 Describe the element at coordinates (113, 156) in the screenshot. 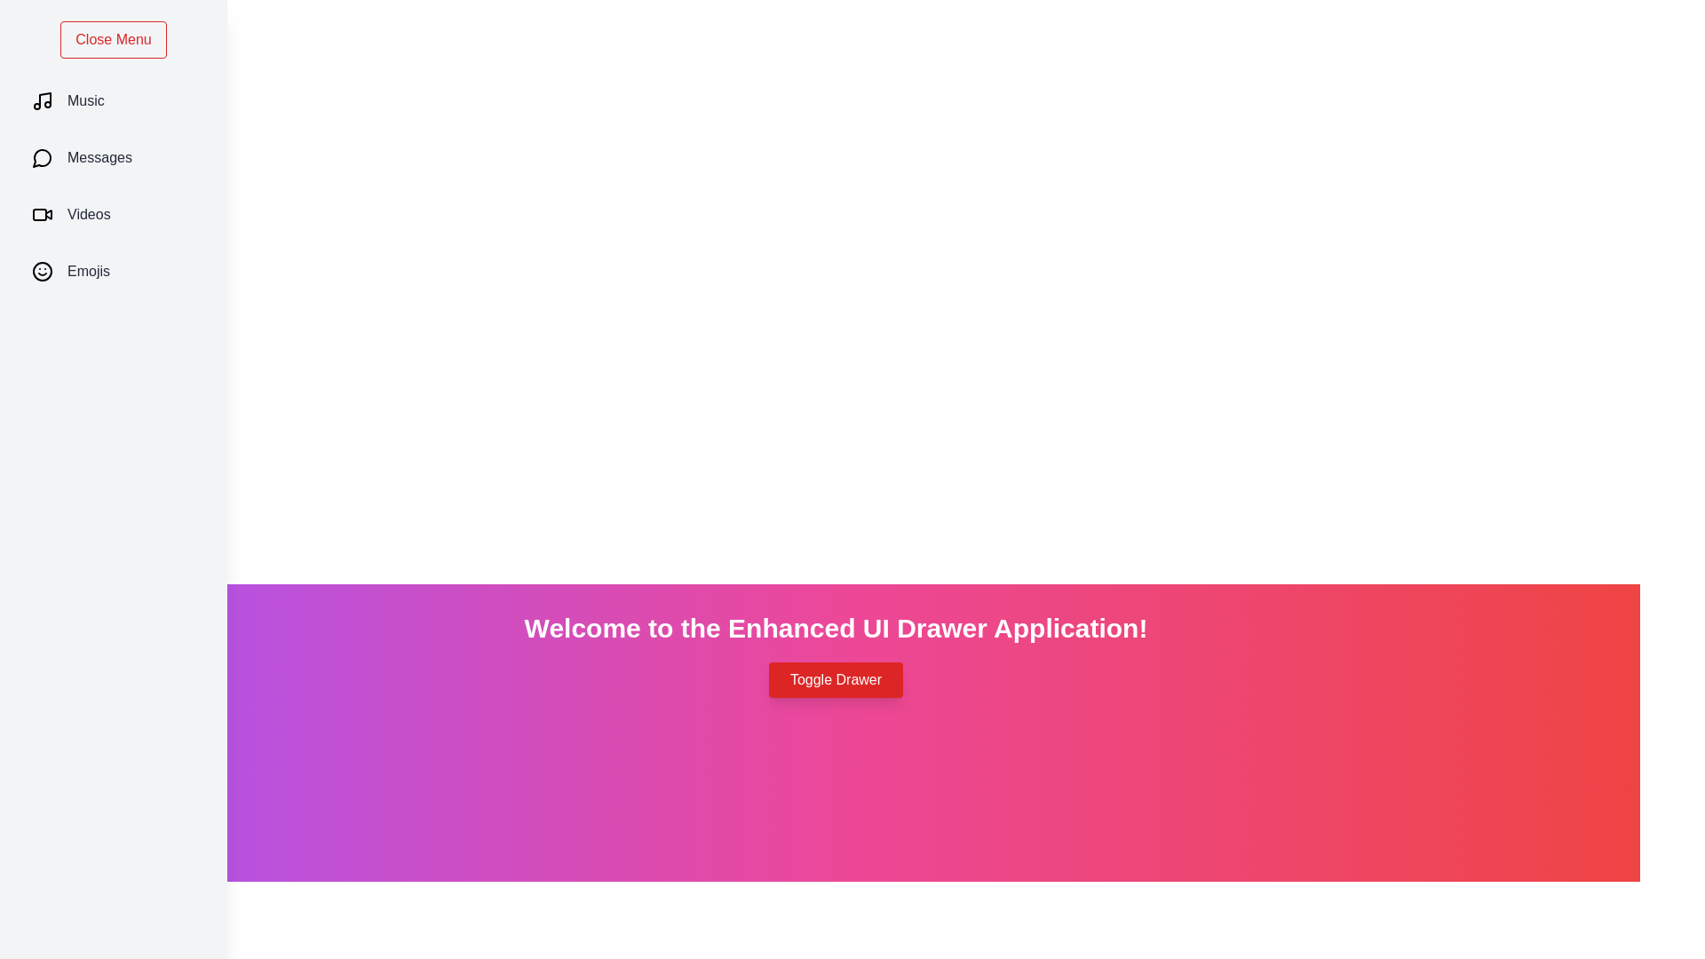

I see `the menu item labeled Messages` at that location.